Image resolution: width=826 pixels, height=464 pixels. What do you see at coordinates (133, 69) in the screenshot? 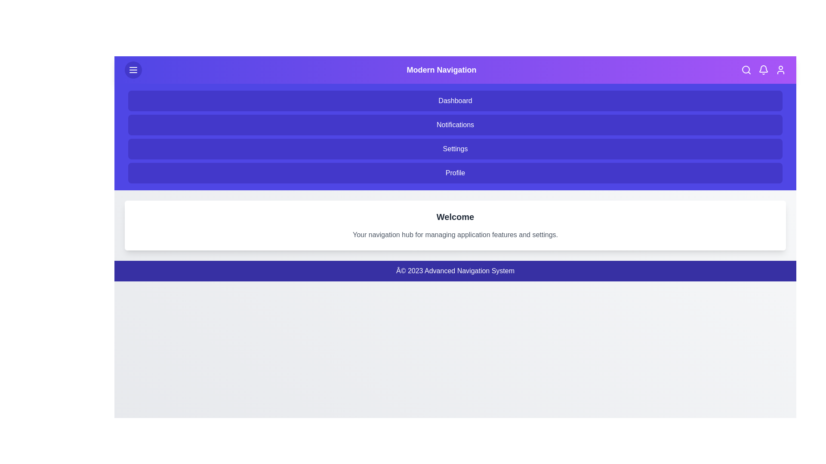
I see `the toggle menu button to change the menu visibility` at bounding box center [133, 69].